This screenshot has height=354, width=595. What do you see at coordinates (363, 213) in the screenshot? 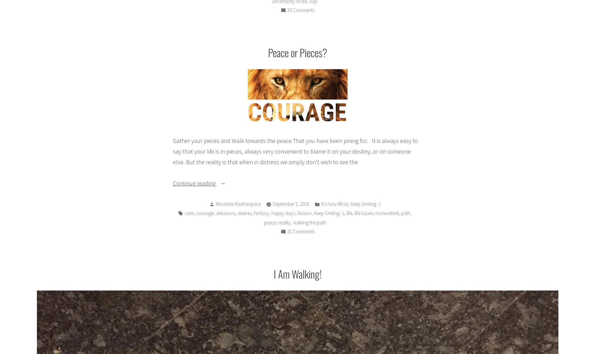
I see `'life issues'` at bounding box center [363, 213].